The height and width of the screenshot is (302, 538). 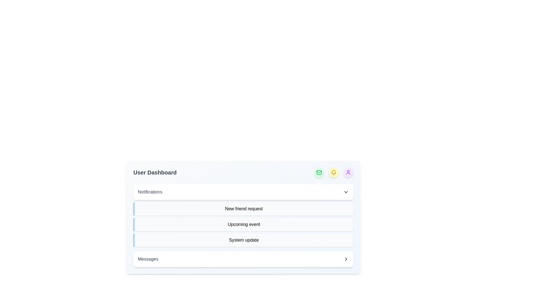 I want to click on the Information box that represents a system update notification, which is the third item in the Notifications section, so click(x=243, y=240).